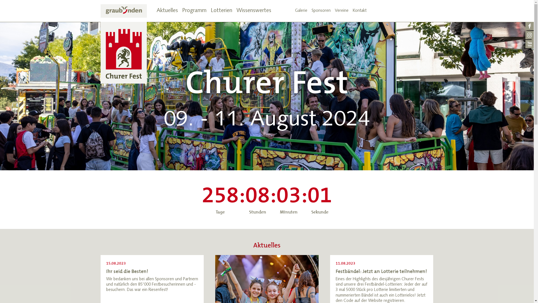  I want to click on 'Programm', so click(194, 11).